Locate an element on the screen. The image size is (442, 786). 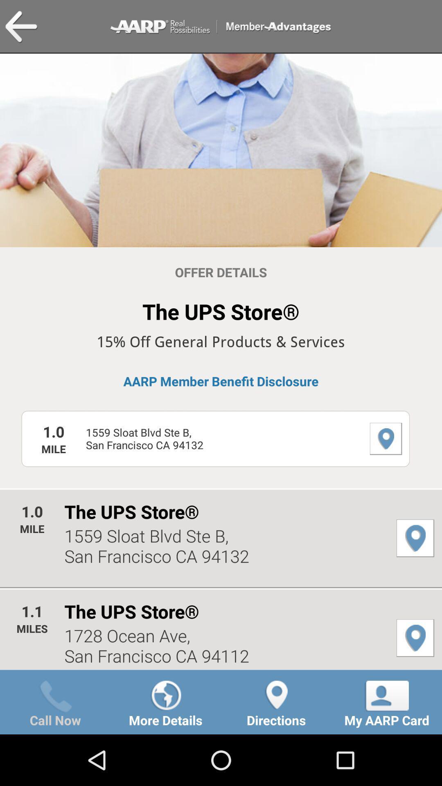
the location icon is located at coordinates (415, 683).